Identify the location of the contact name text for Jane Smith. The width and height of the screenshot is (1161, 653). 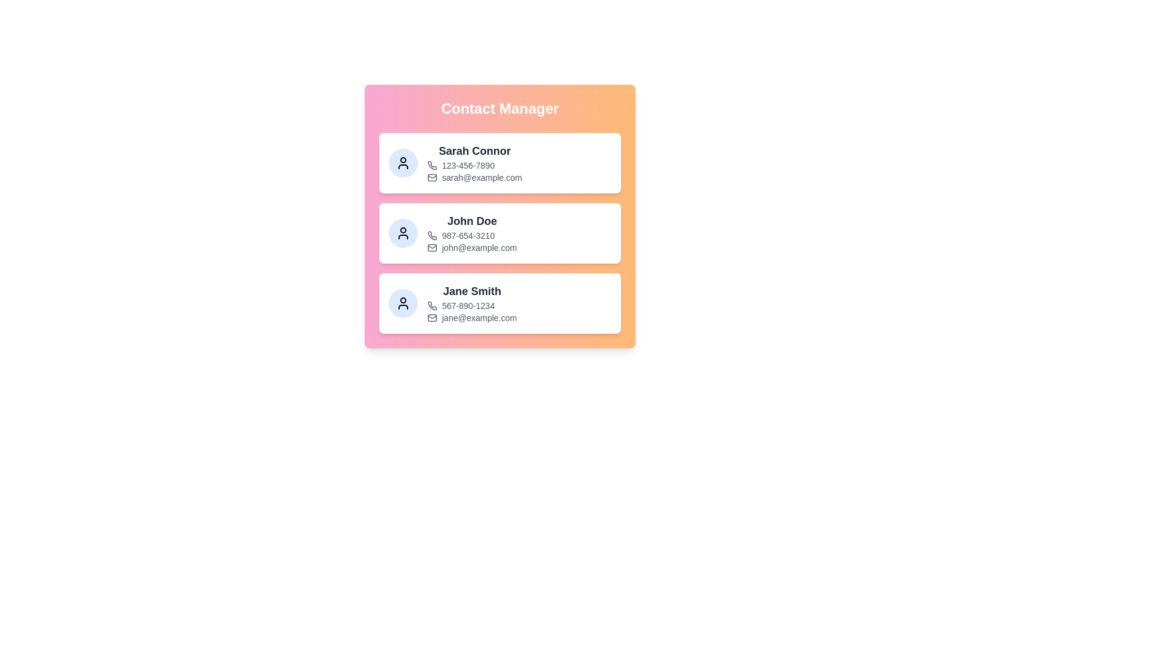
(472, 291).